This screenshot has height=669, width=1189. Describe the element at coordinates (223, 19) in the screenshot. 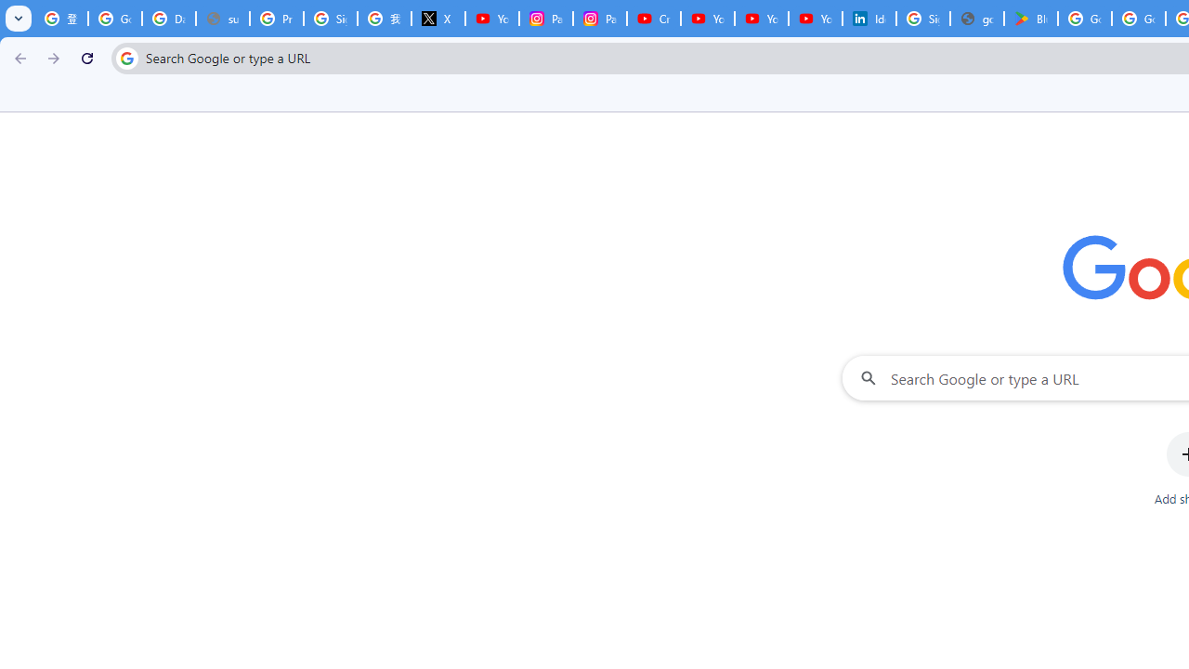

I see `'support.google.com - Network error'` at that location.